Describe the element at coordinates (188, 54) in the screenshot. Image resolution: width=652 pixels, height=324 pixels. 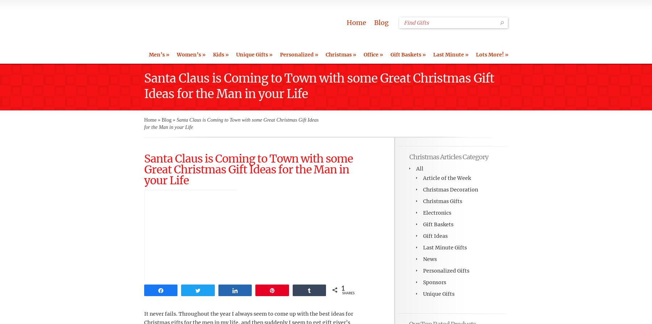
I see `'Women’s'` at that location.